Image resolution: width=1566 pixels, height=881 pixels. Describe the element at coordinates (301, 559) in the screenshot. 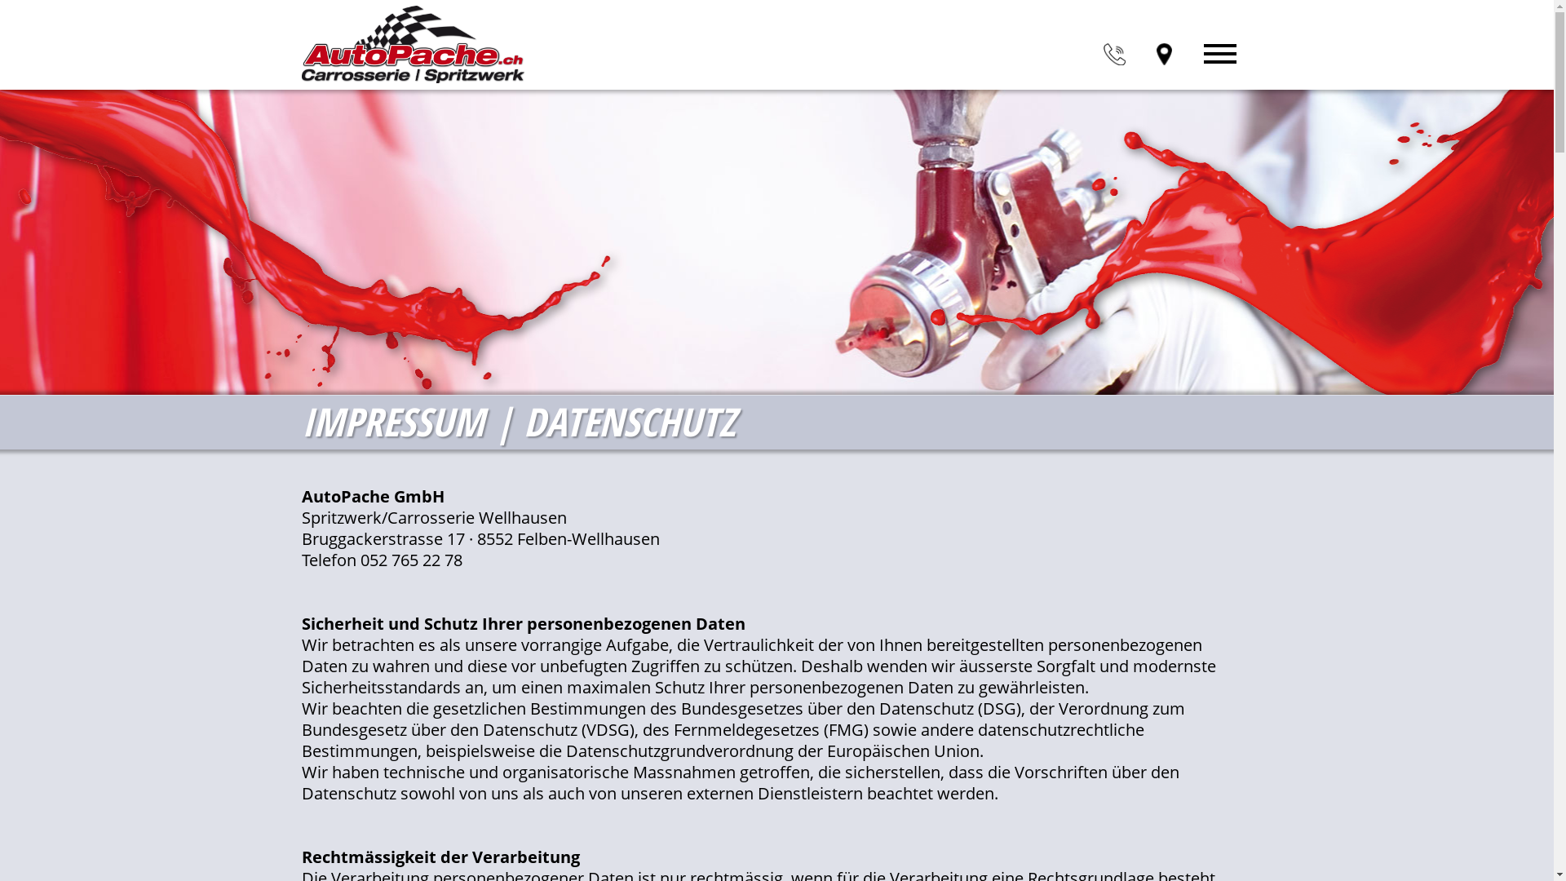

I see `'Telefon 052 765 22 78'` at that location.